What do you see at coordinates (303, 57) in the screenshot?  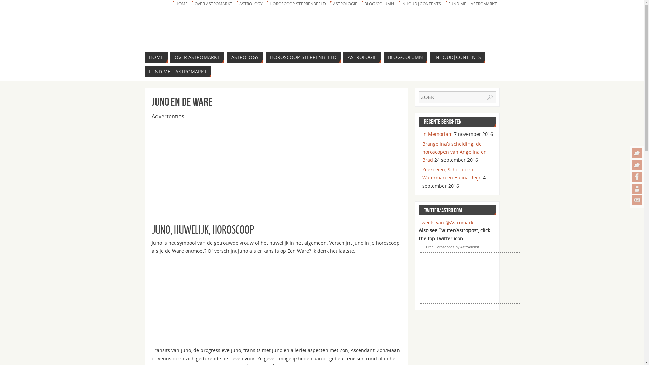 I see `'HOROSCOOP-STERRENBEELD'` at bounding box center [303, 57].